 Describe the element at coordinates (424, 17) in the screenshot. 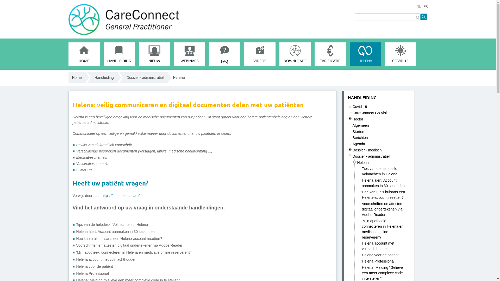

I see `'Toepassen'` at that location.